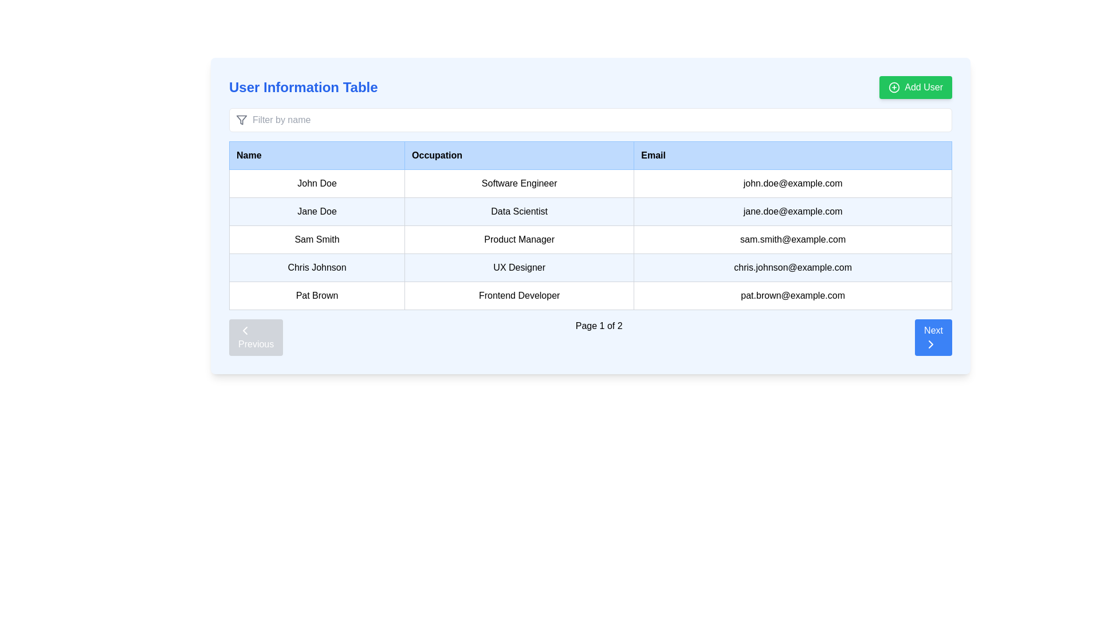 This screenshot has width=1100, height=618. Describe the element at coordinates (931, 343) in the screenshot. I see `the navigation icon located at the bottom-right corner of the interface within the 'Next' button` at that location.